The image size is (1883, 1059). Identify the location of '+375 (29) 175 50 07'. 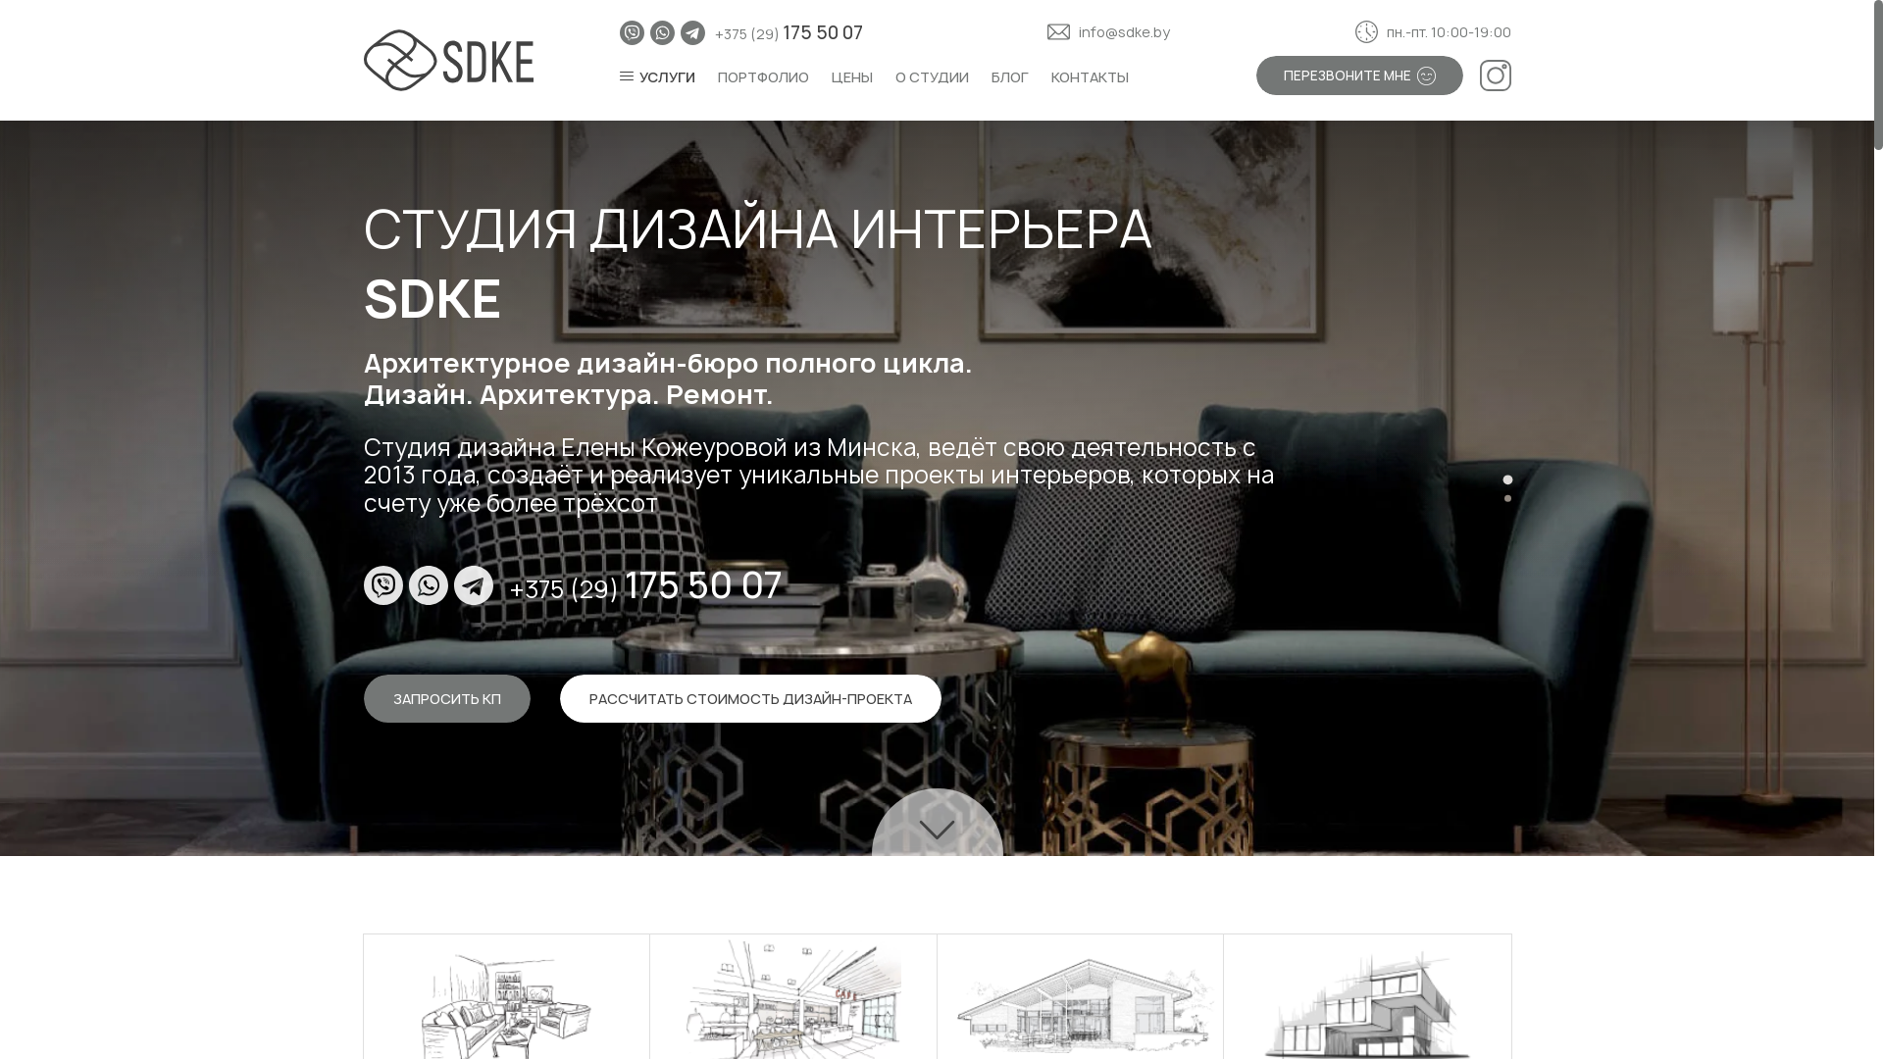
(645, 584).